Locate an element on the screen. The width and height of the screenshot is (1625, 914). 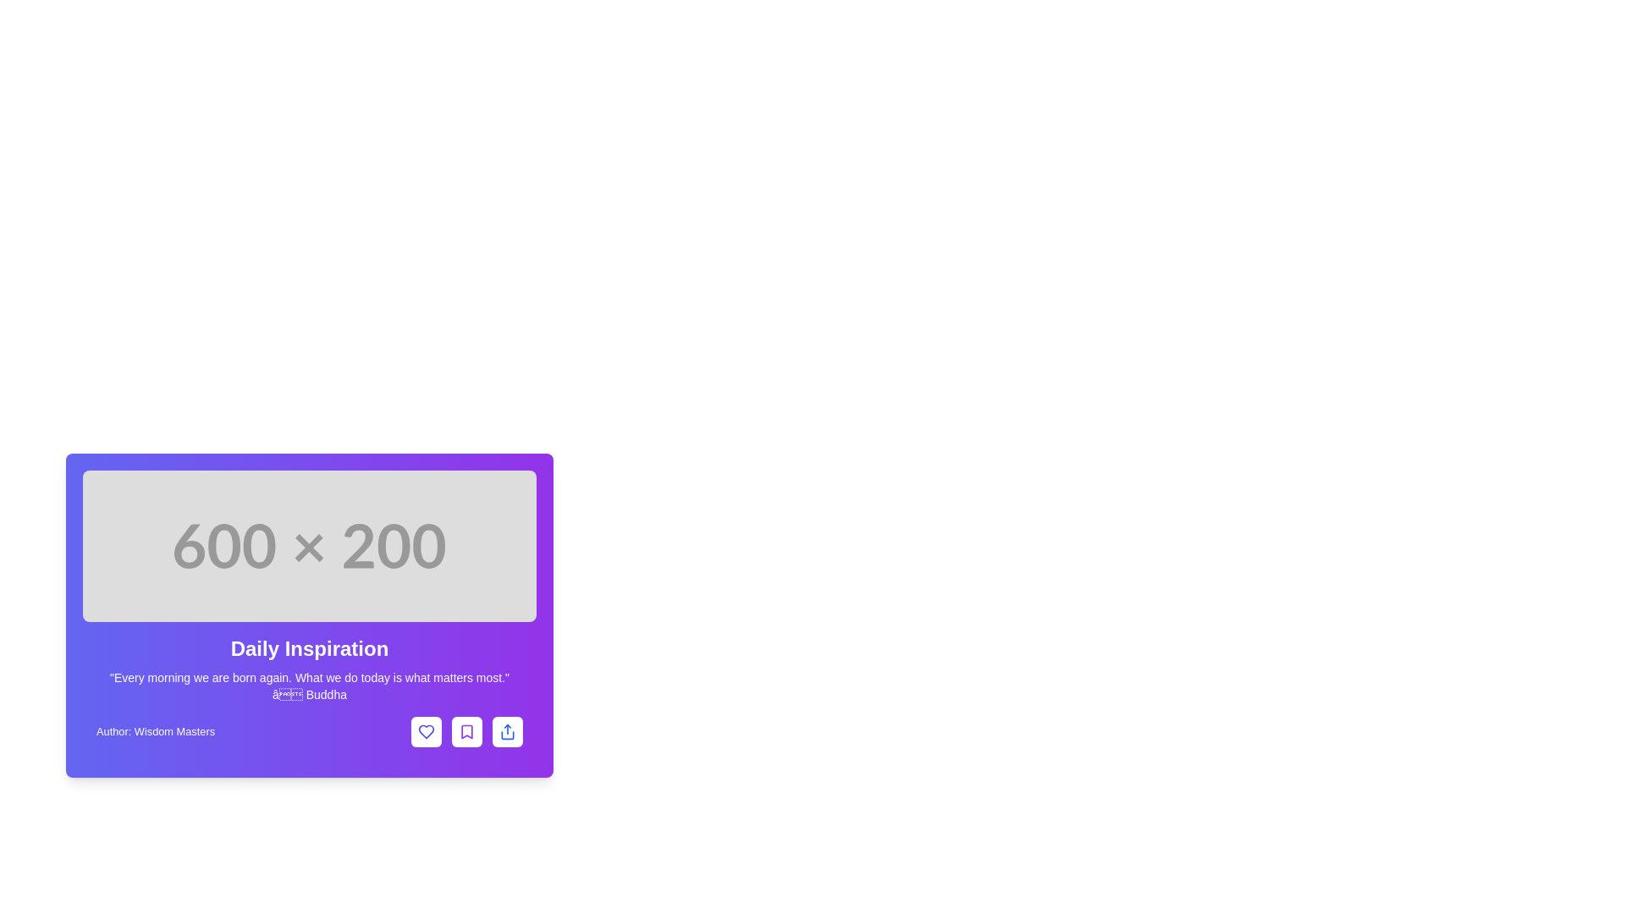
the blue share button with an upward arrow icon located in the bottom-right corner of a group of three icons is located at coordinates (507, 730).